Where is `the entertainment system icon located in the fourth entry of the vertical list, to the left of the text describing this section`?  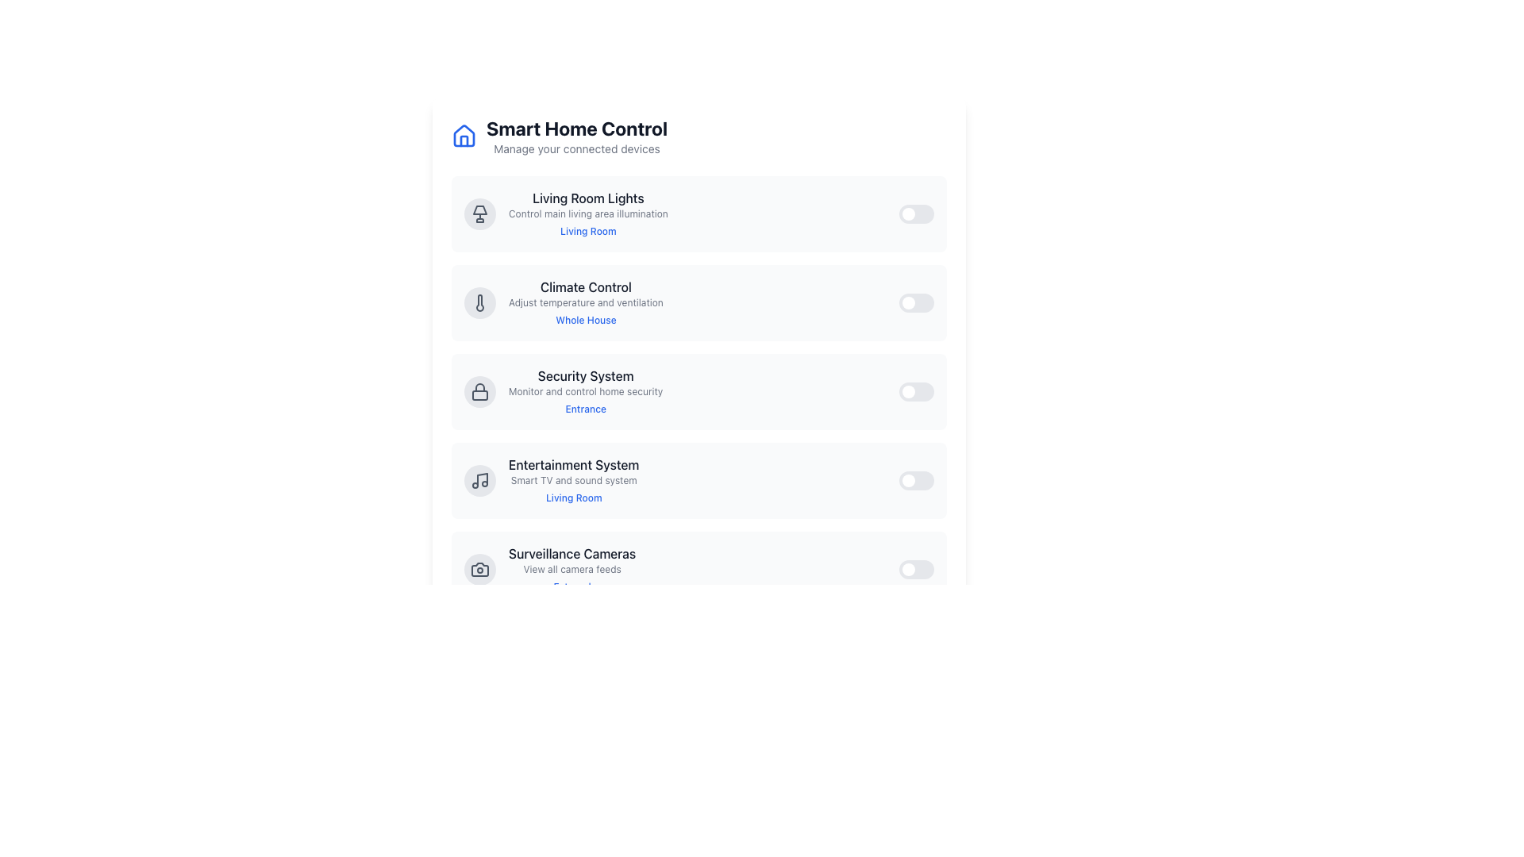
the entertainment system icon located in the fourth entry of the vertical list, to the left of the text describing this section is located at coordinates (479, 479).